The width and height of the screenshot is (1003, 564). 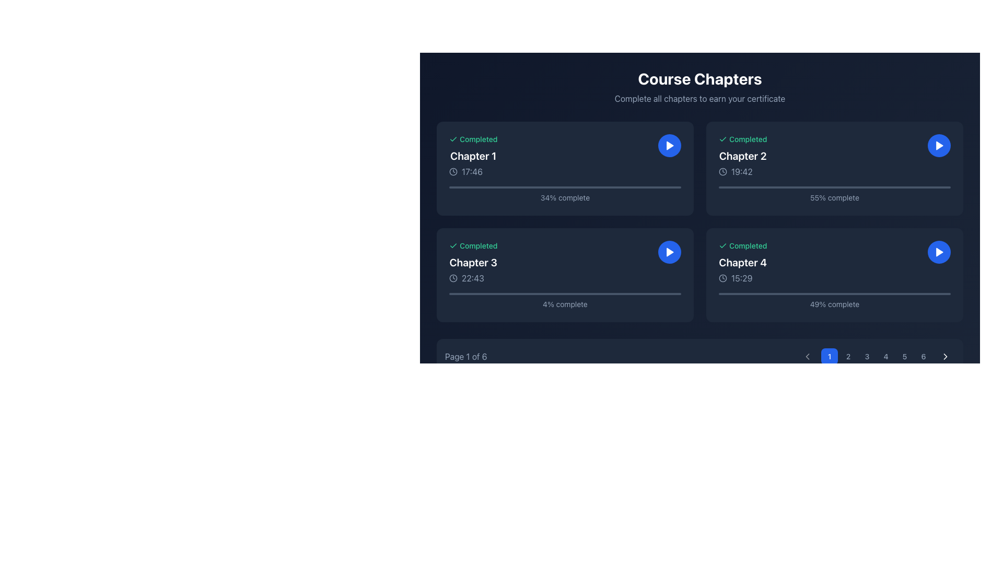 What do you see at coordinates (867, 356) in the screenshot?
I see `the circular button displaying the number '3'` at bounding box center [867, 356].